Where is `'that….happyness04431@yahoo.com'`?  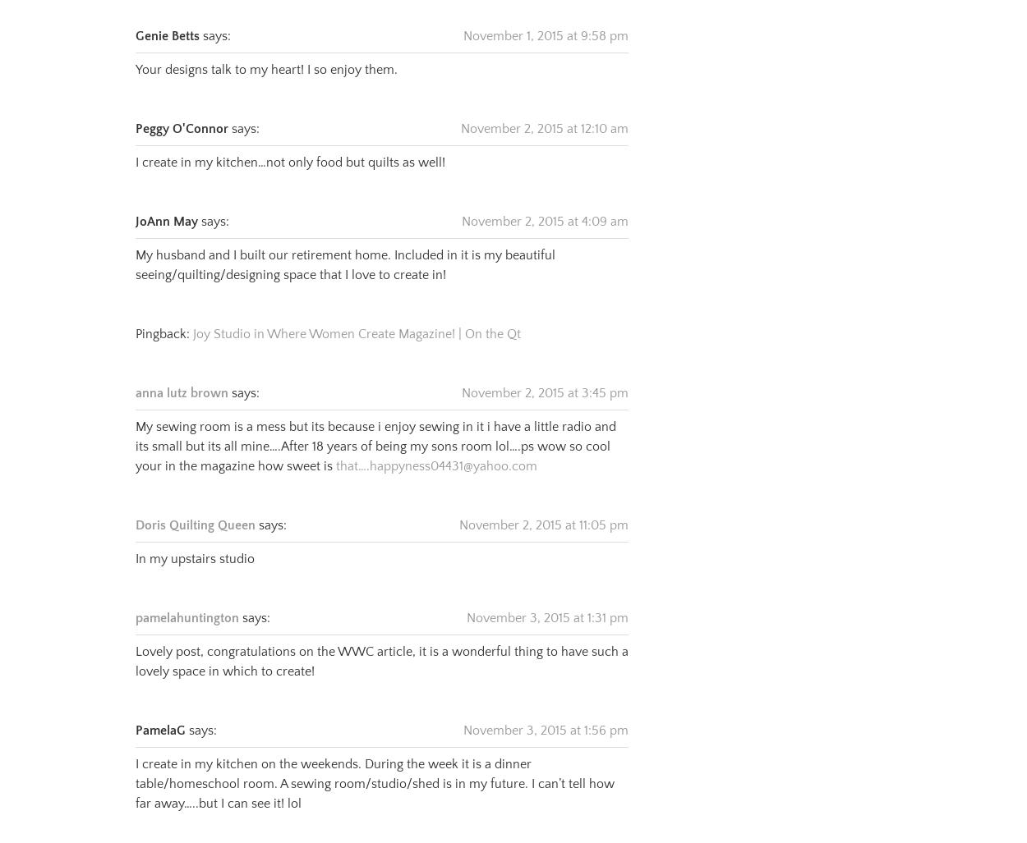
'that….happyness04431@yahoo.com' is located at coordinates (336, 444).